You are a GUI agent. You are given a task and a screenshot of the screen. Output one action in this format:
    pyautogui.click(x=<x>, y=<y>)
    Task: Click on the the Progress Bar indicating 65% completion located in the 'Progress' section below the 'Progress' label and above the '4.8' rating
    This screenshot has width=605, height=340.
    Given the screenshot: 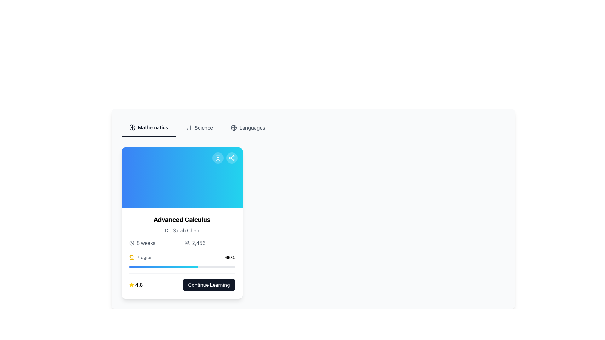 What is the action you would take?
    pyautogui.click(x=181, y=267)
    